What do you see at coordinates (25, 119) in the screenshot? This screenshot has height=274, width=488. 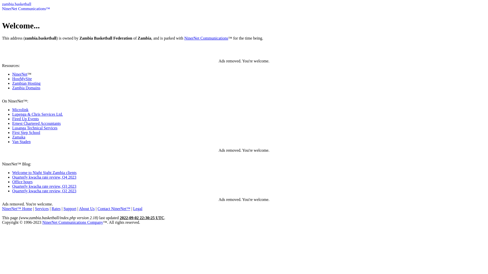 I see `'Fired Up Events'` at bounding box center [25, 119].